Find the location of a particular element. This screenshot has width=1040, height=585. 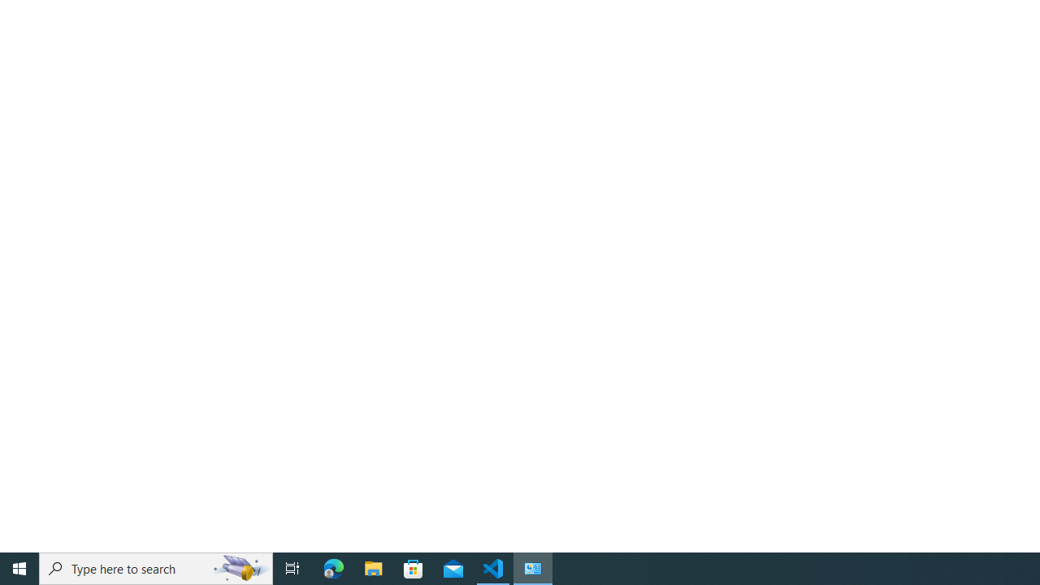

'Microsoft Store' is located at coordinates (414, 567).